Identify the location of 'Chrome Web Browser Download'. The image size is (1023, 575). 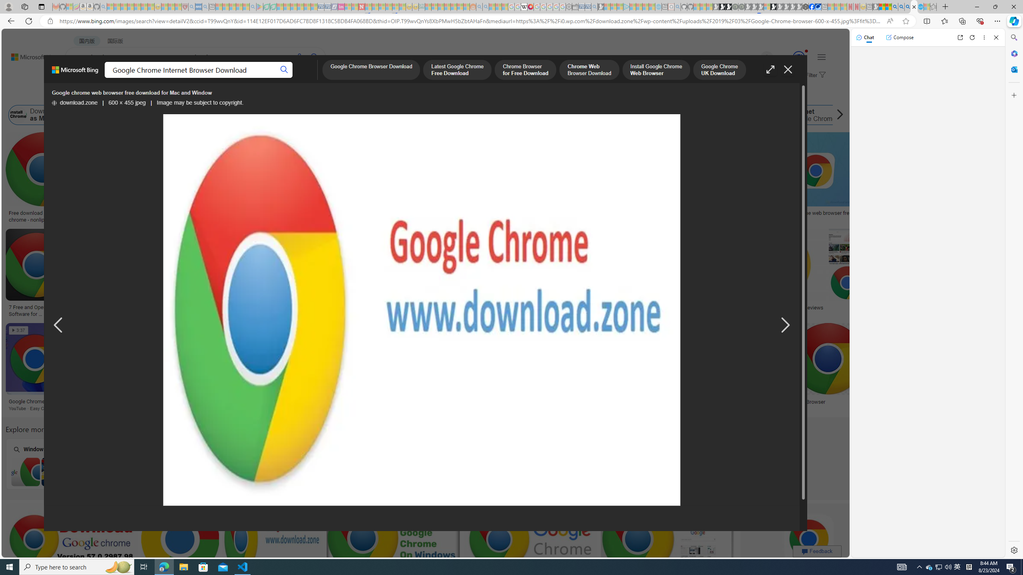
(589, 70).